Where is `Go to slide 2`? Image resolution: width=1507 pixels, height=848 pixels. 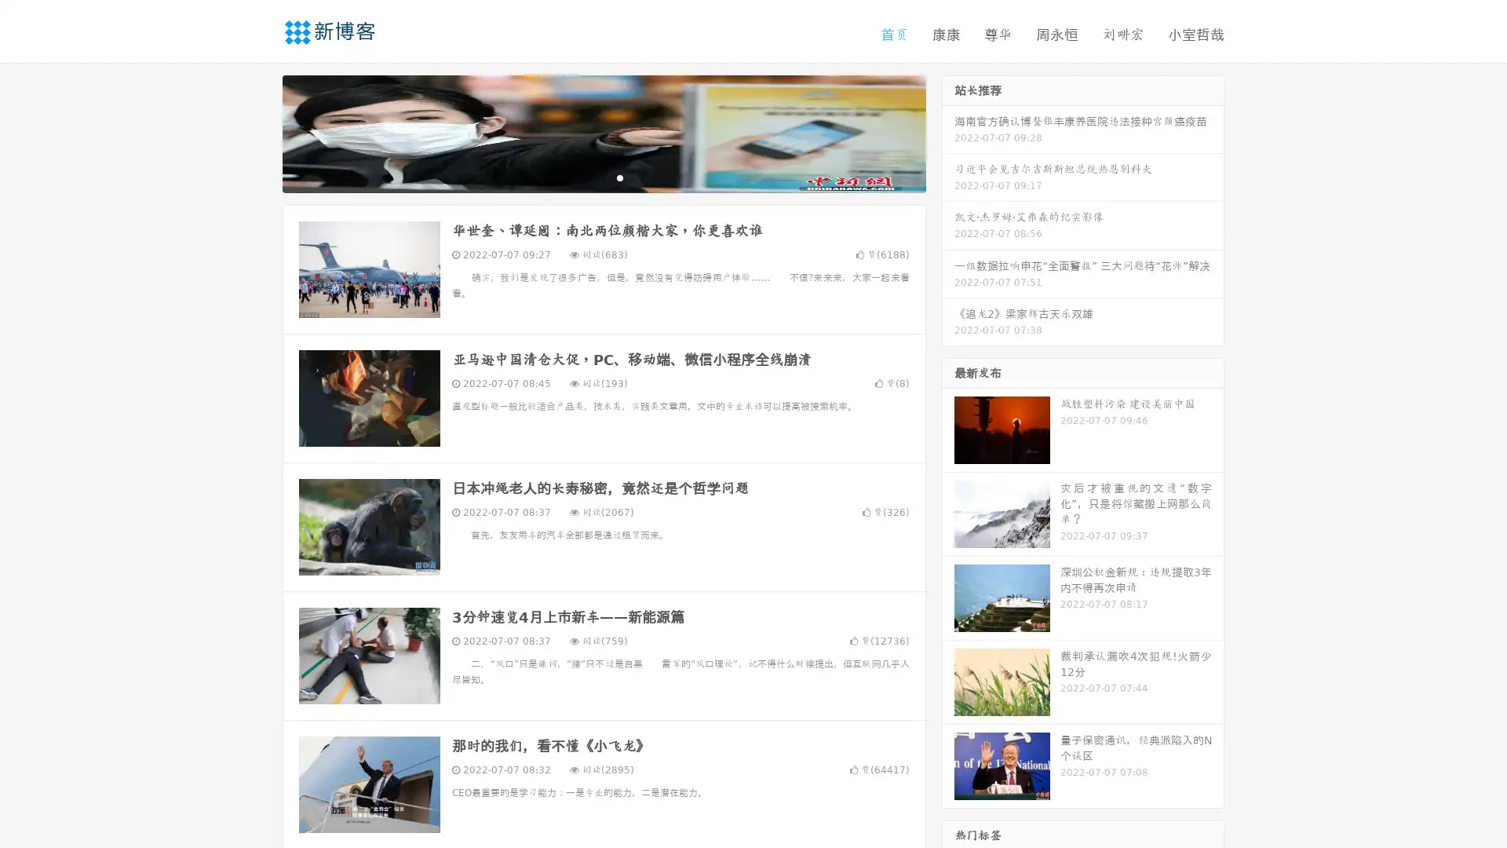 Go to slide 2 is located at coordinates (603, 177).